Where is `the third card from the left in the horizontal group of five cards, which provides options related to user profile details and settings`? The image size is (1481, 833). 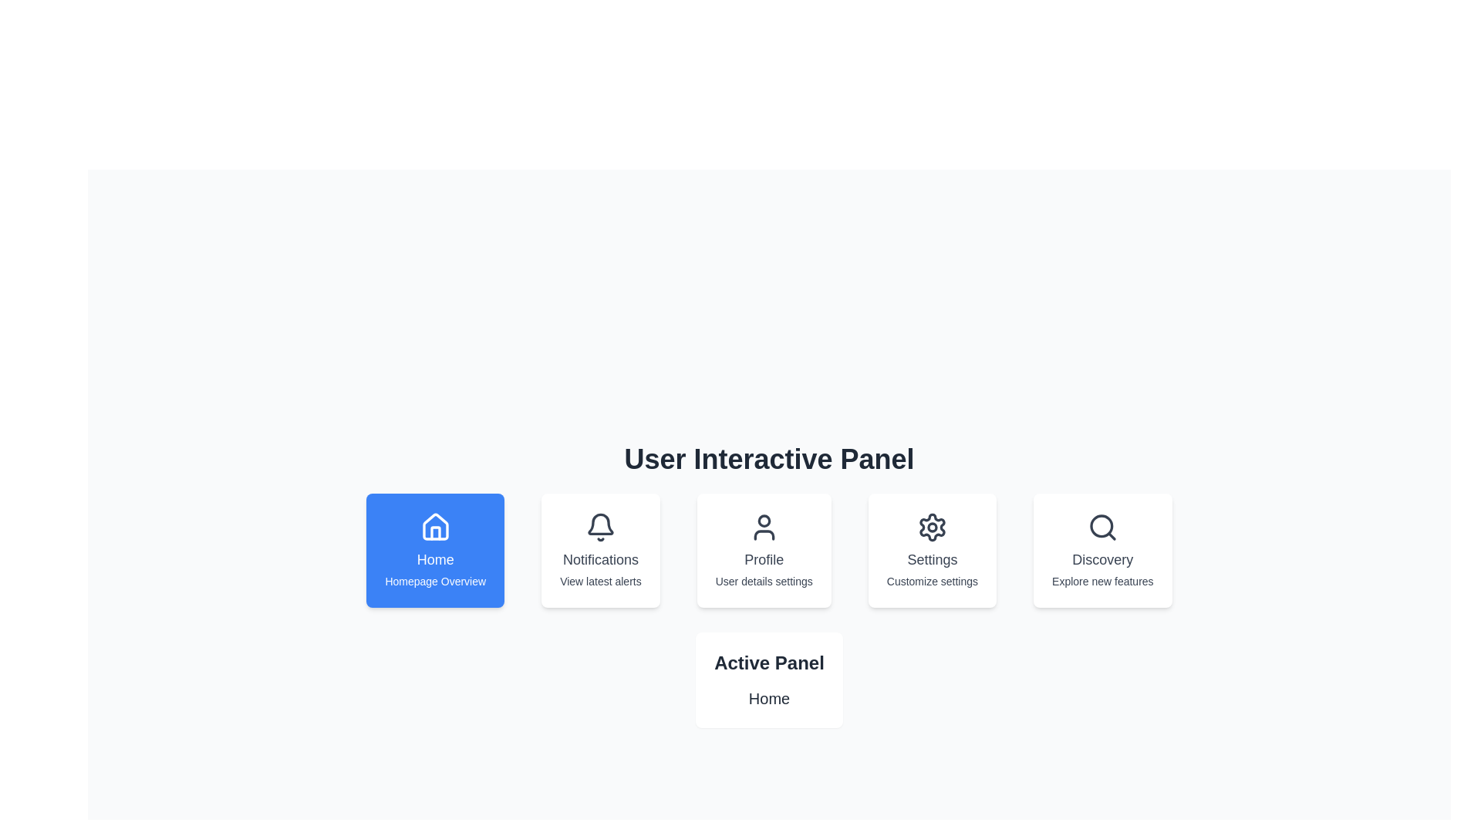 the third card from the left in the horizontal group of five cards, which provides options related to user profile details and settings is located at coordinates (764, 549).